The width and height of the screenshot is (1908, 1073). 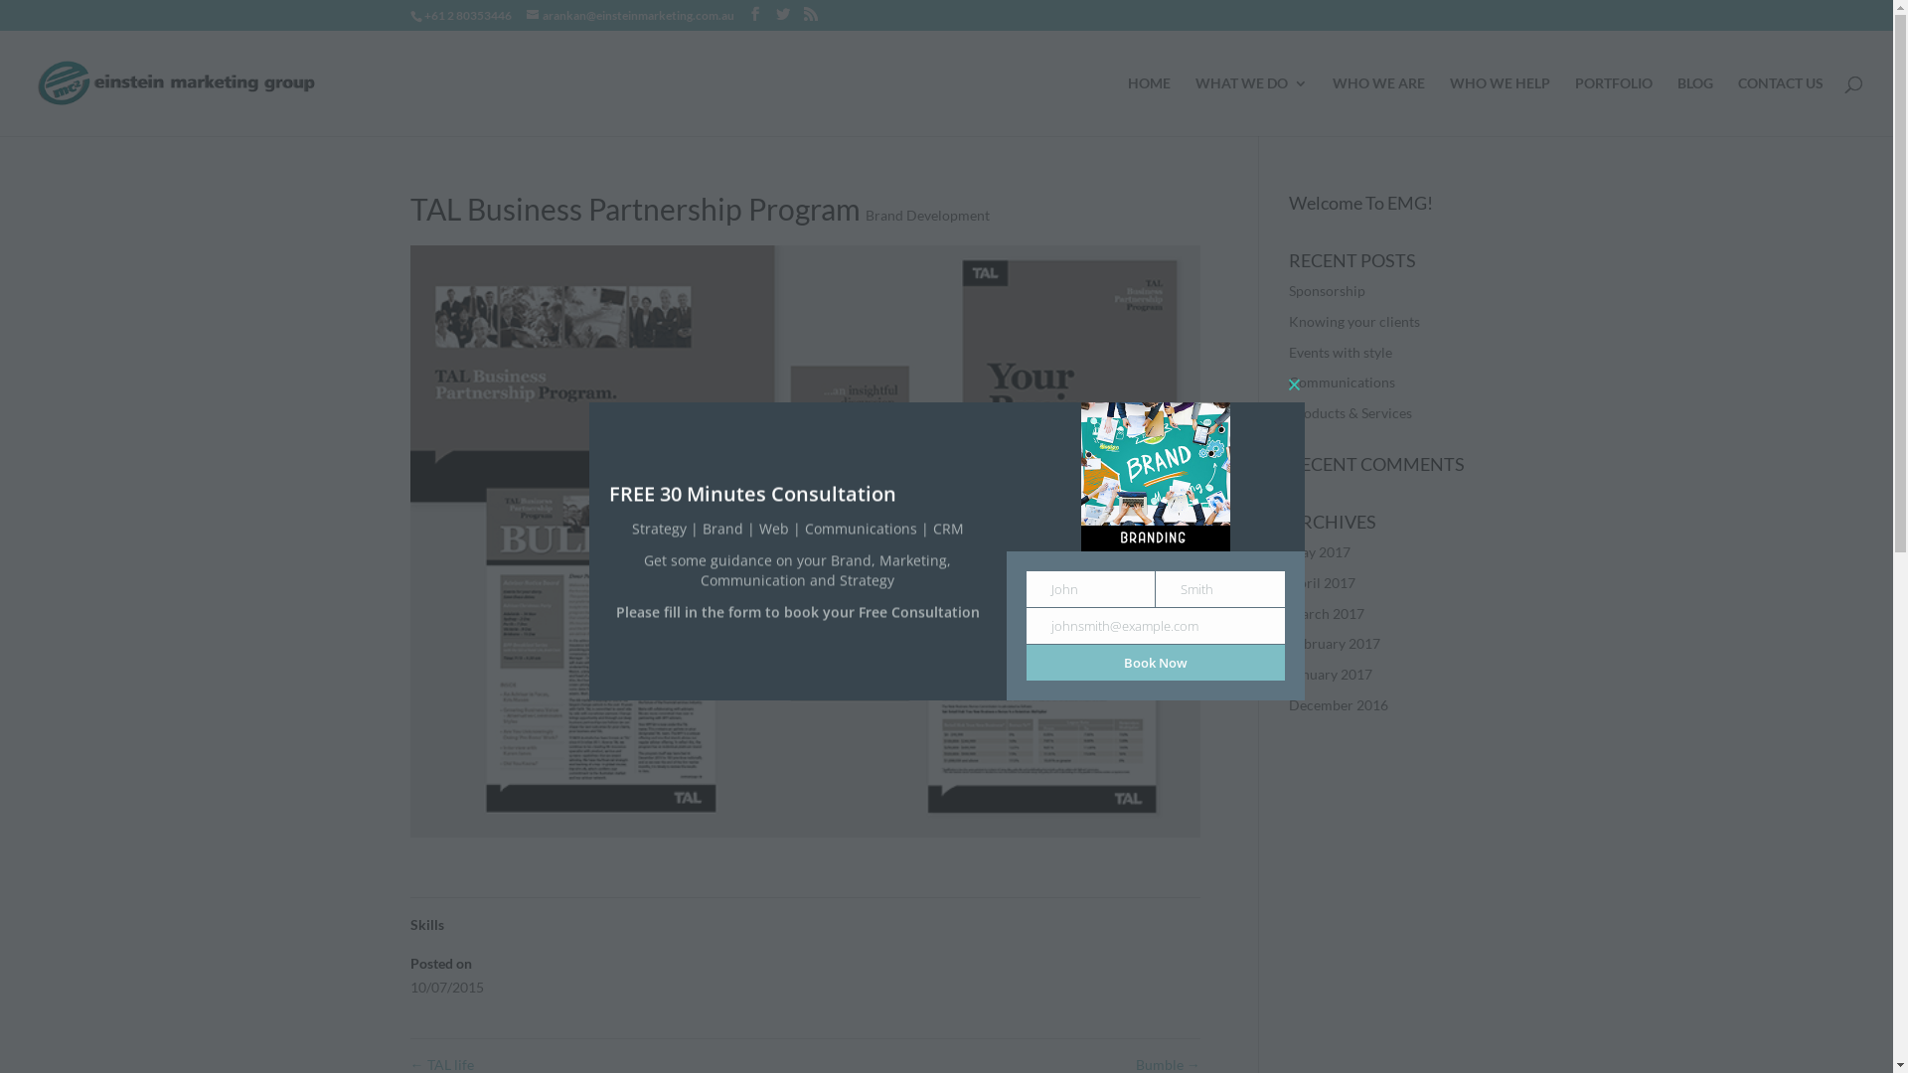 What do you see at coordinates (1613, 106) in the screenshot?
I see `'PORTFOLIO'` at bounding box center [1613, 106].